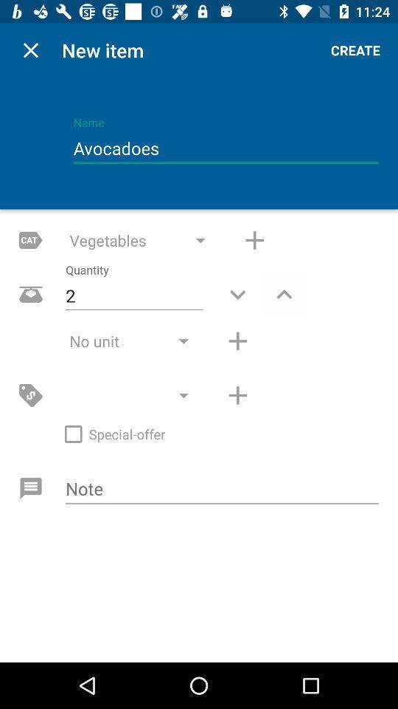 The width and height of the screenshot is (398, 709). Describe the element at coordinates (31, 50) in the screenshot. I see `current item` at that location.